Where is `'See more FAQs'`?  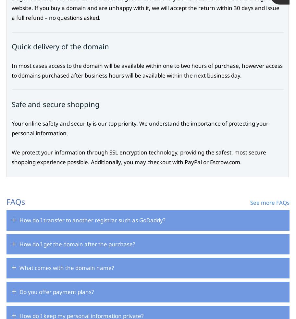
'See more FAQs' is located at coordinates (269, 202).